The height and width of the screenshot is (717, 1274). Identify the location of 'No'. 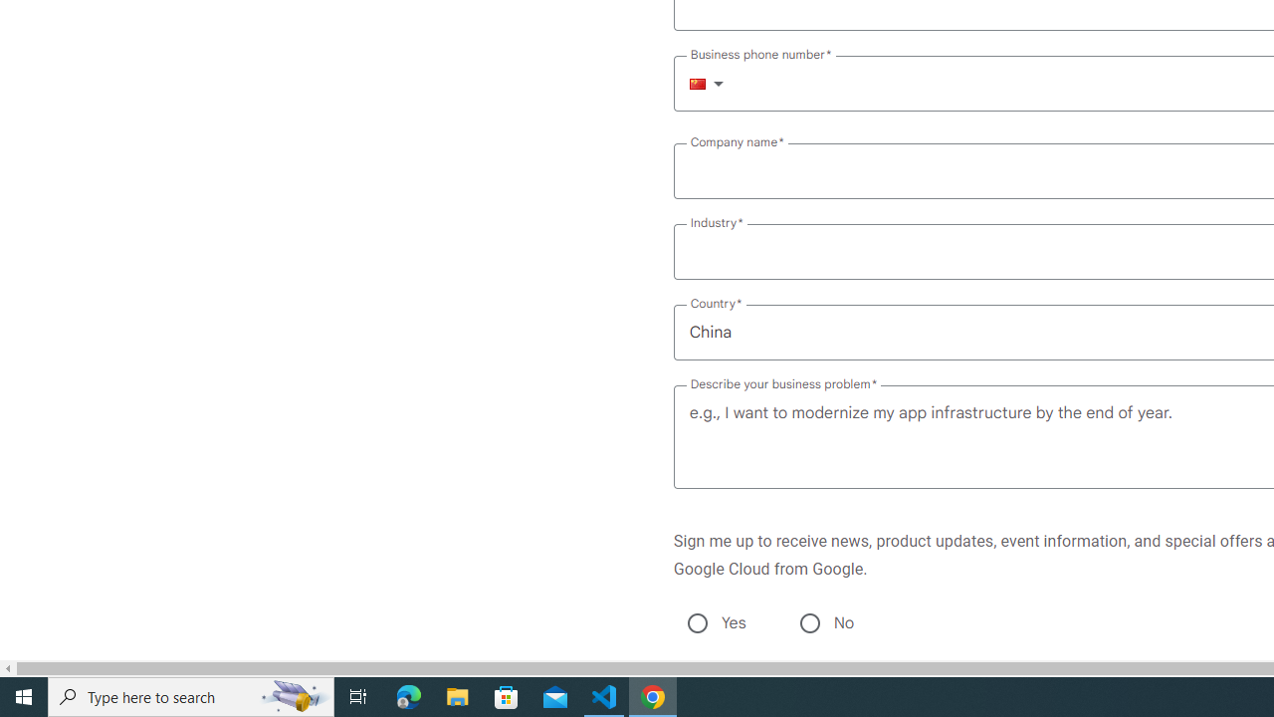
(809, 622).